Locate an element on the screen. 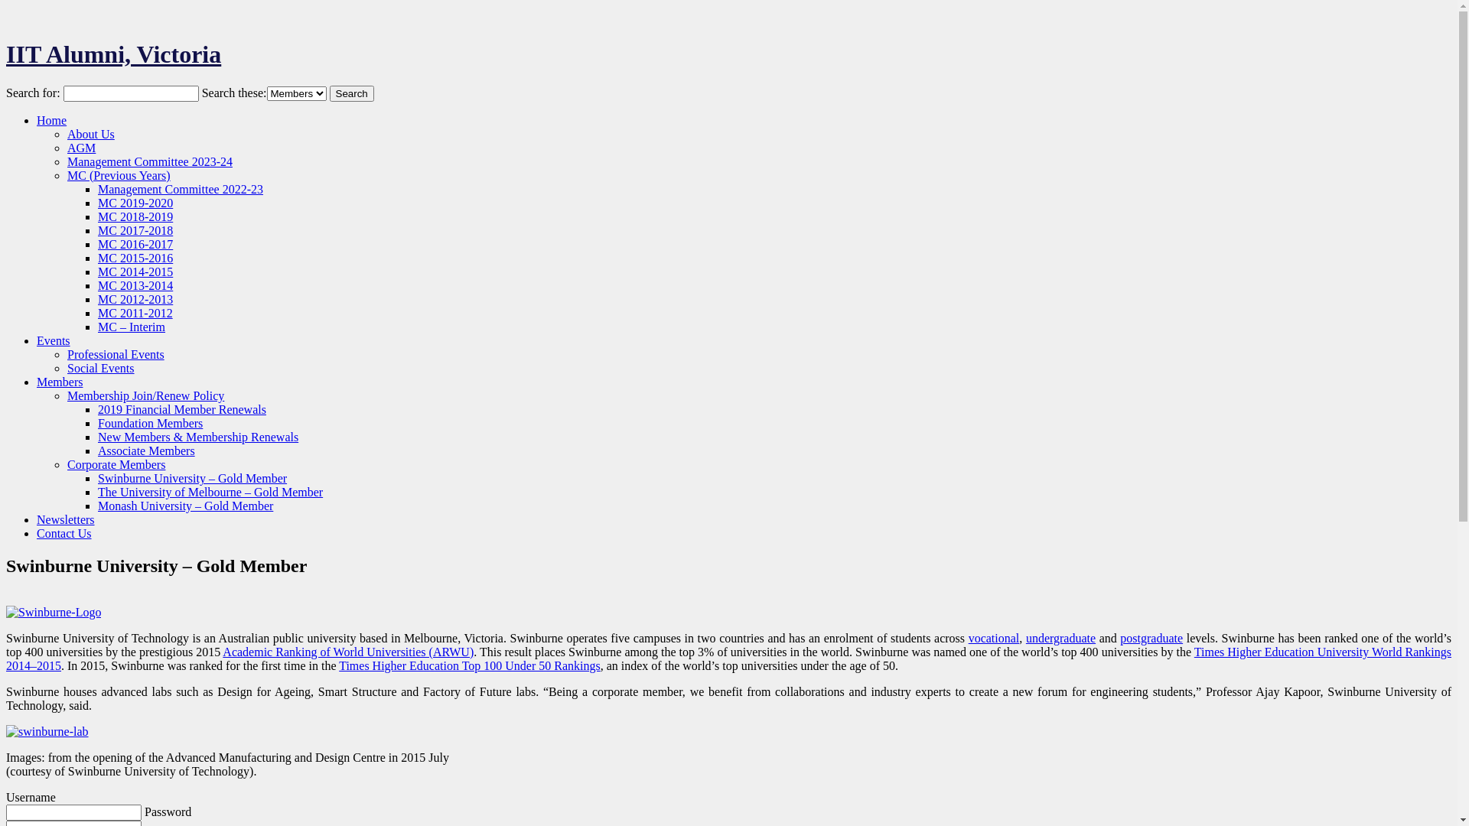  'MC 2014-2015' is located at coordinates (135, 271).